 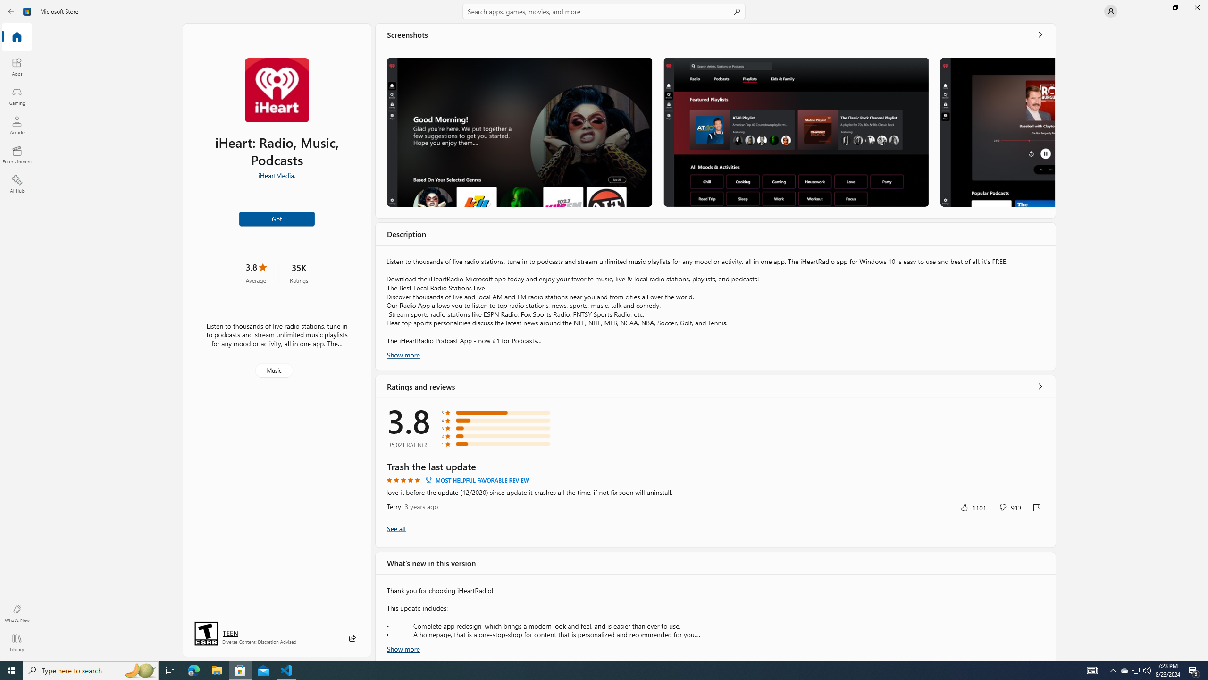 I want to click on 'No, this was not helpful. 913 votes.', so click(x=1010, y=507).